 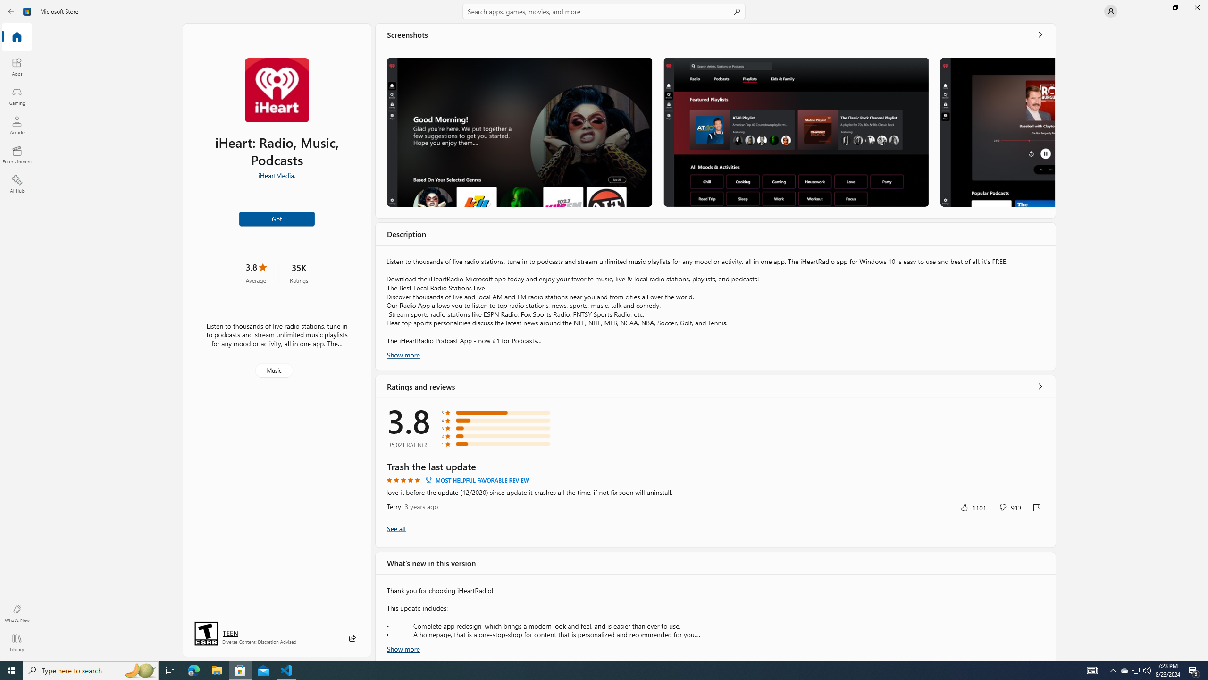 I want to click on 'No, this was not helpful. 913 votes.', so click(x=1010, y=507).